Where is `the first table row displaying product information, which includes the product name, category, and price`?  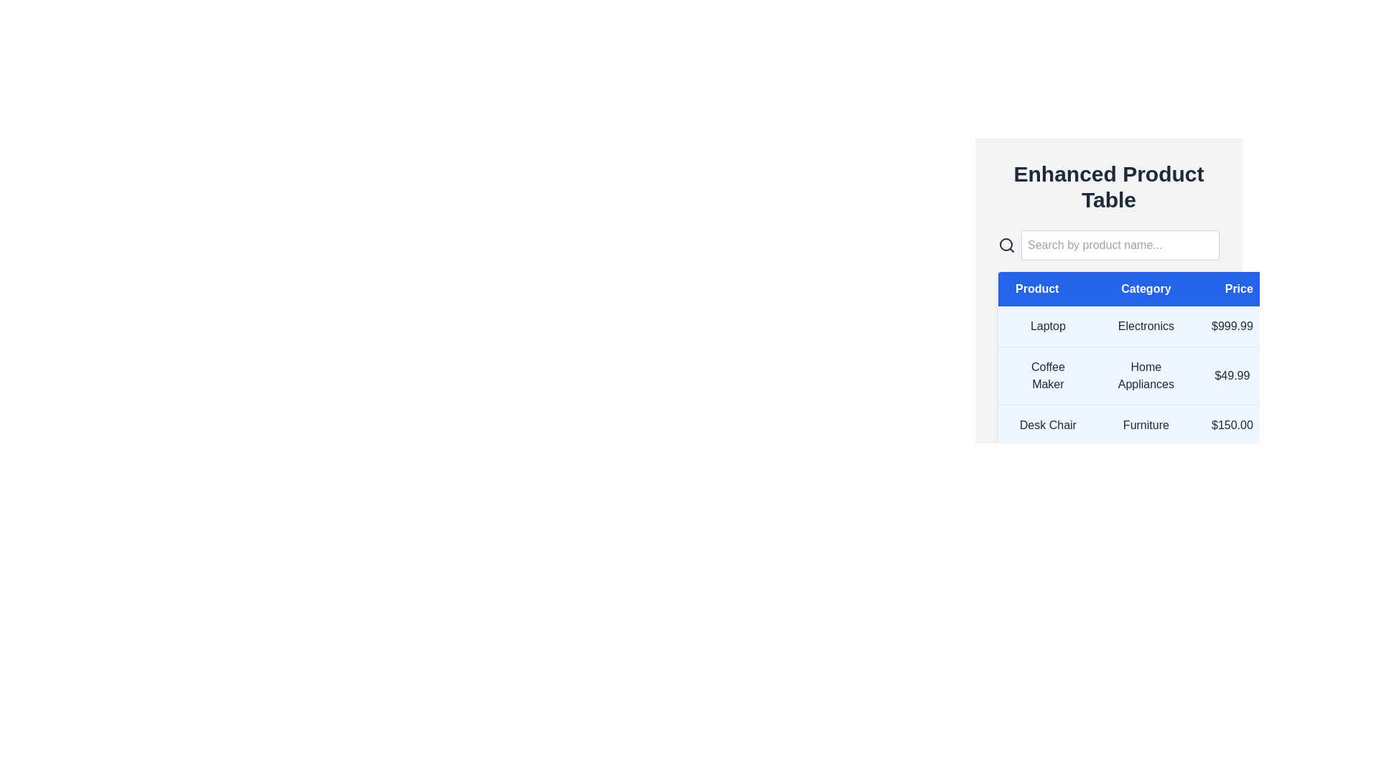
the first table row displaying product information, which includes the product name, category, and price is located at coordinates (1133, 327).